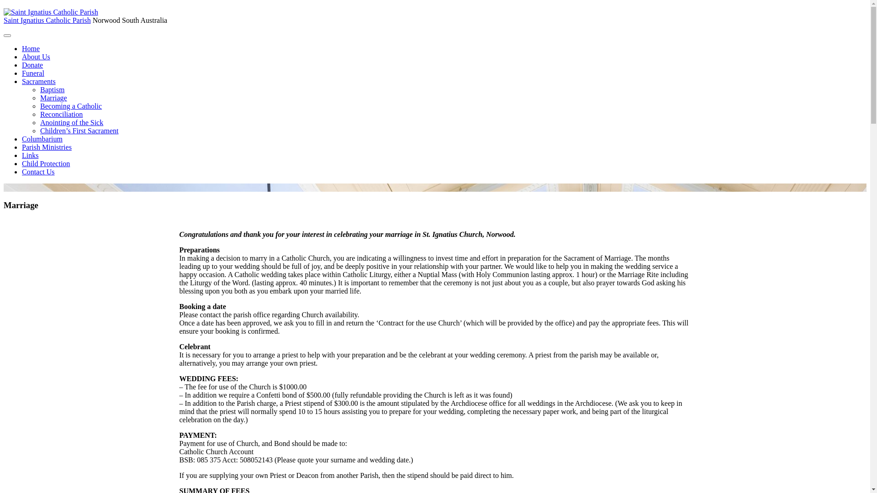 The image size is (877, 493). What do you see at coordinates (39, 89) in the screenshot?
I see `'Baptism'` at bounding box center [39, 89].